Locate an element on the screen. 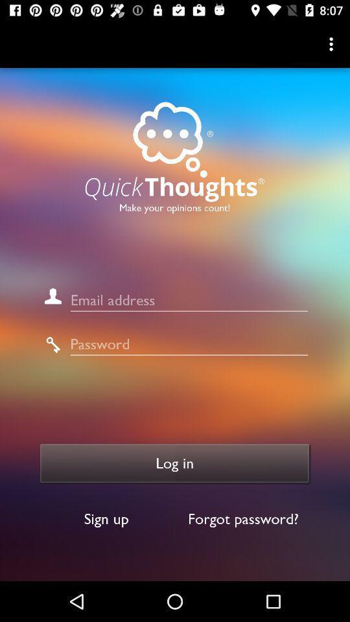 The width and height of the screenshot is (350, 622). the item below log in item is located at coordinates (243, 519).